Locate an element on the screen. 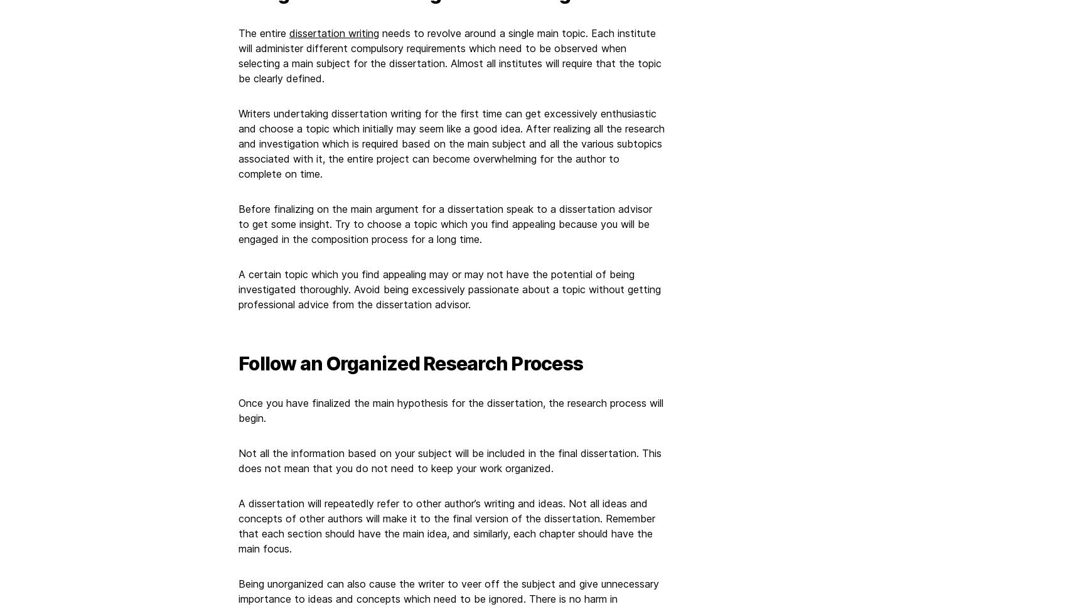  'dissertation writing' is located at coordinates (333, 31).